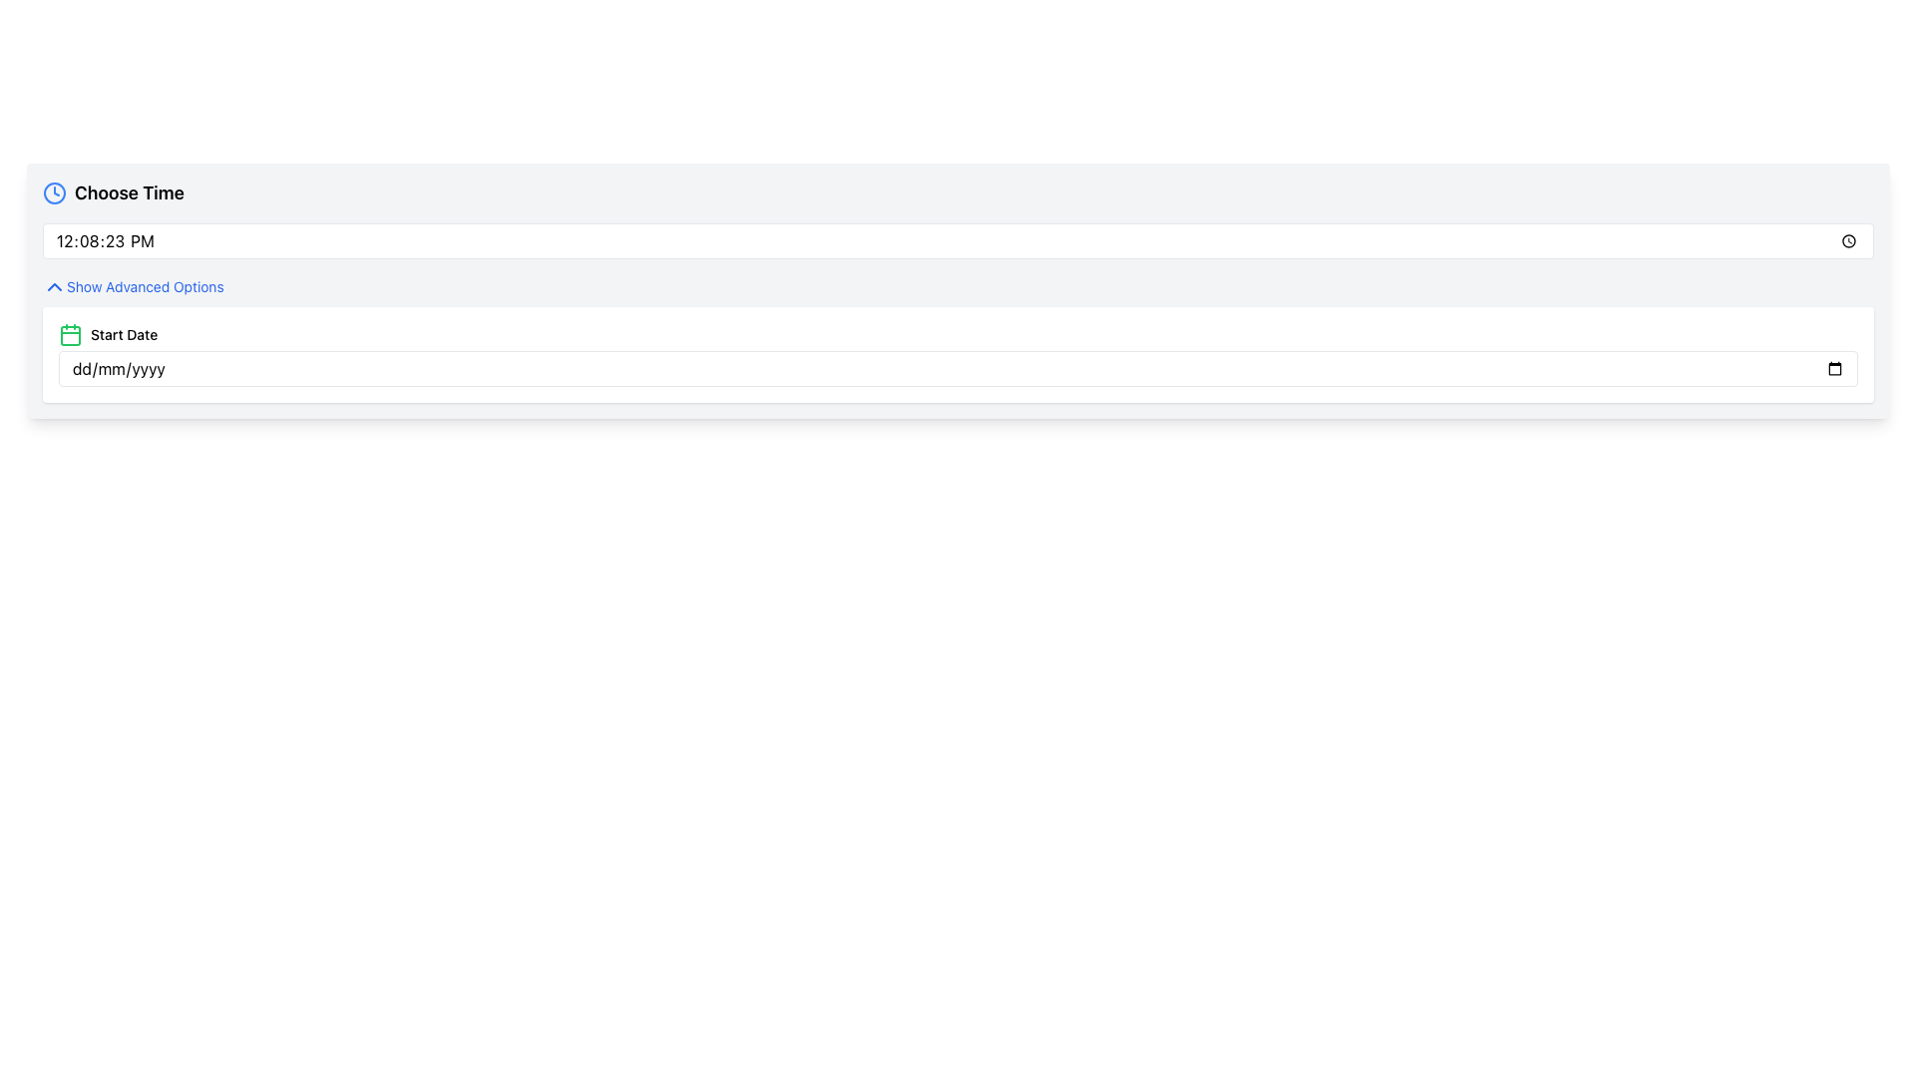 The image size is (1915, 1077). I want to click on the clock icon located to the left of the 'Choose Time' text, which indicates a time-related feature, so click(54, 192).